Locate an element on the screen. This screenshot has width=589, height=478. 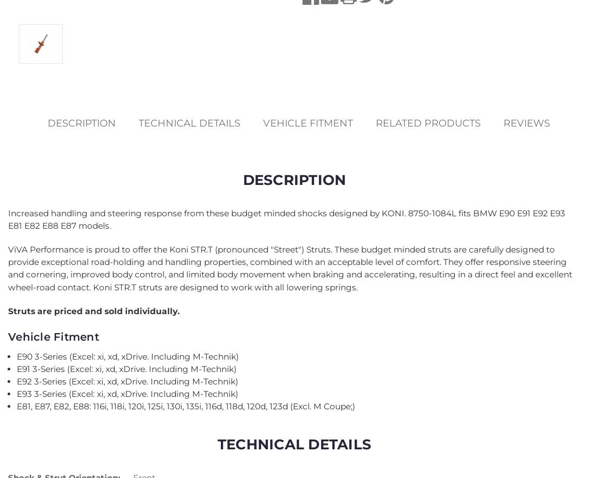
'DESCRIPTION' is located at coordinates (293, 180).